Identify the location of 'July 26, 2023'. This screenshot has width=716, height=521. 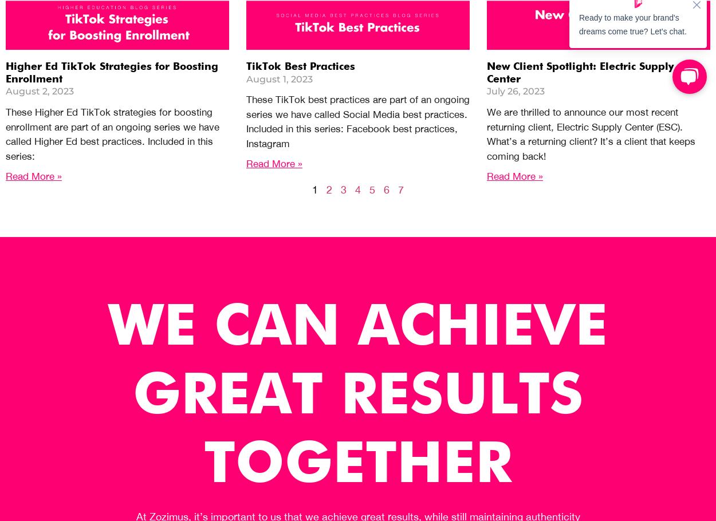
(516, 90).